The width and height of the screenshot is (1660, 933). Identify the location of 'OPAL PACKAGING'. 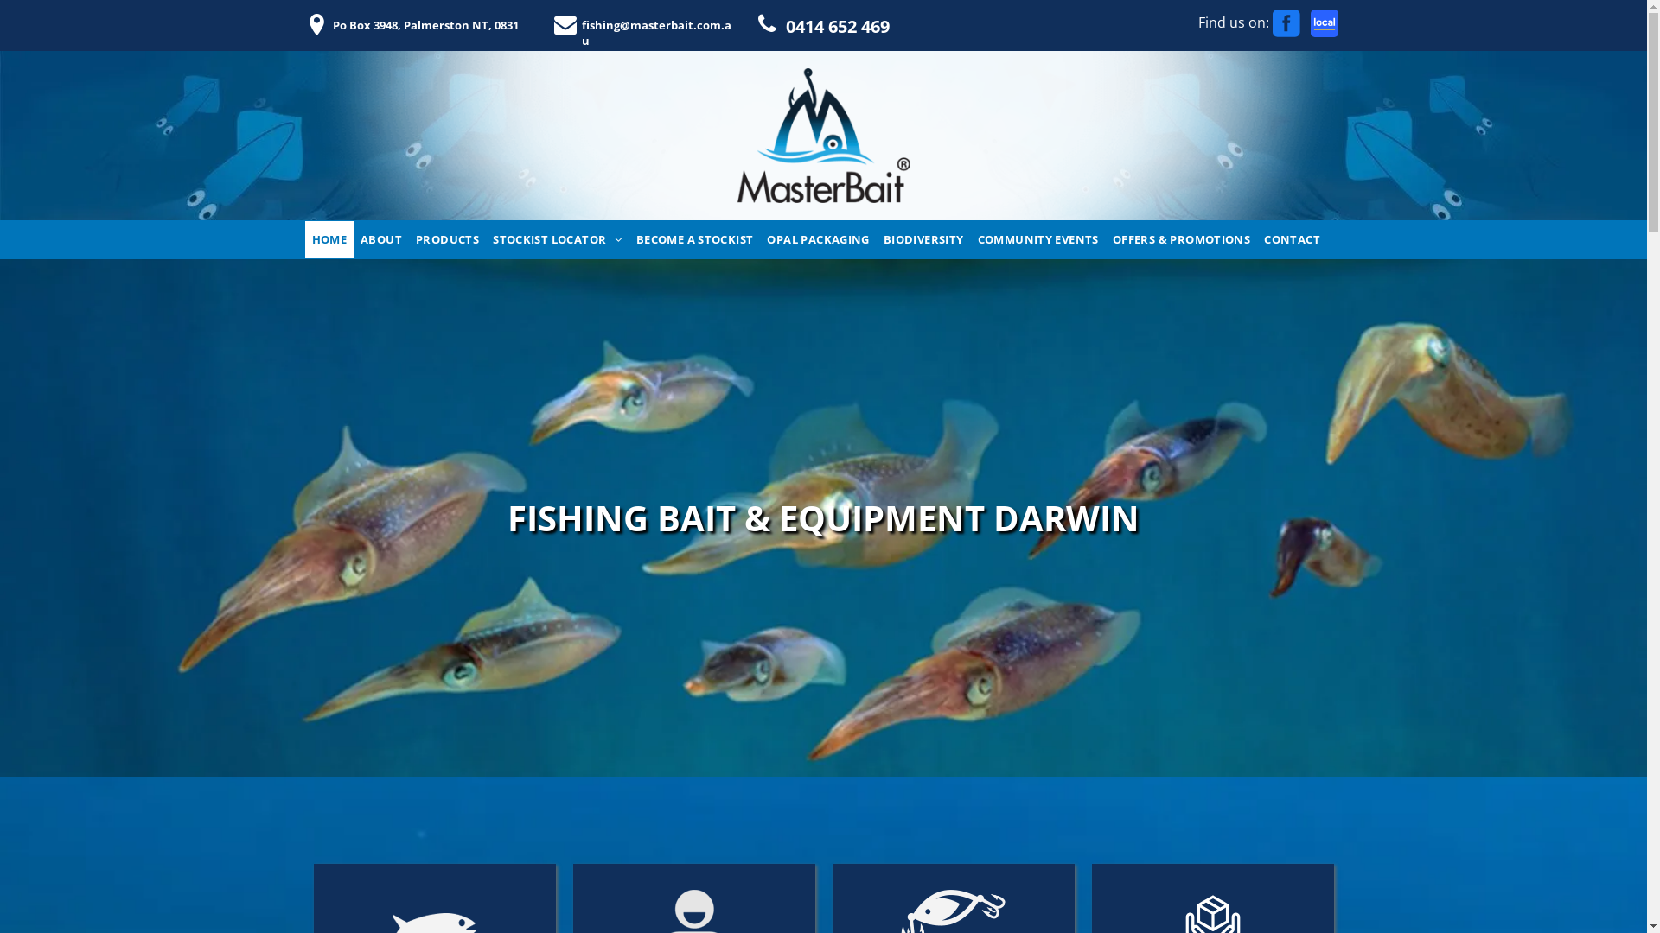
(816, 239).